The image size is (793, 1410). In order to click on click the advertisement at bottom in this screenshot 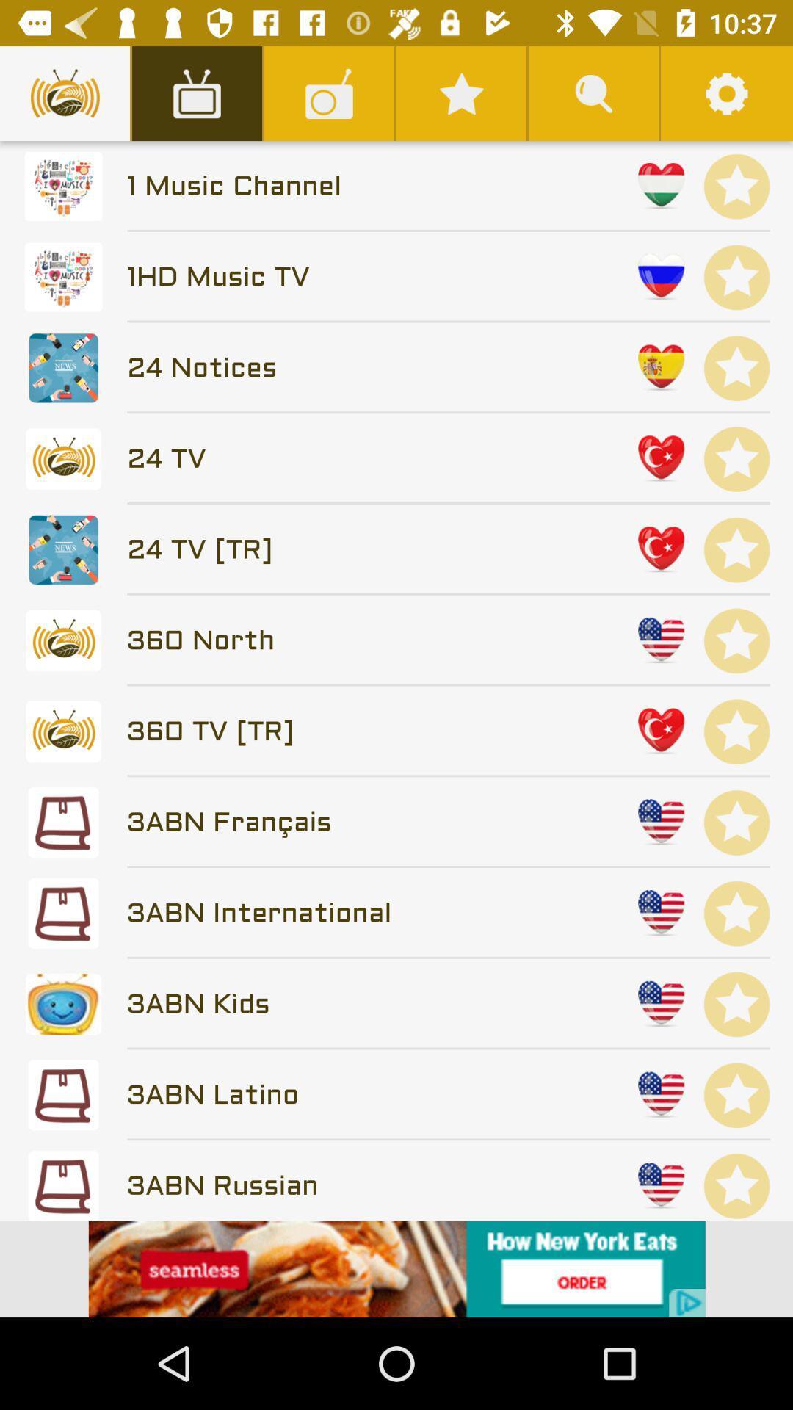, I will do `click(396, 1268)`.